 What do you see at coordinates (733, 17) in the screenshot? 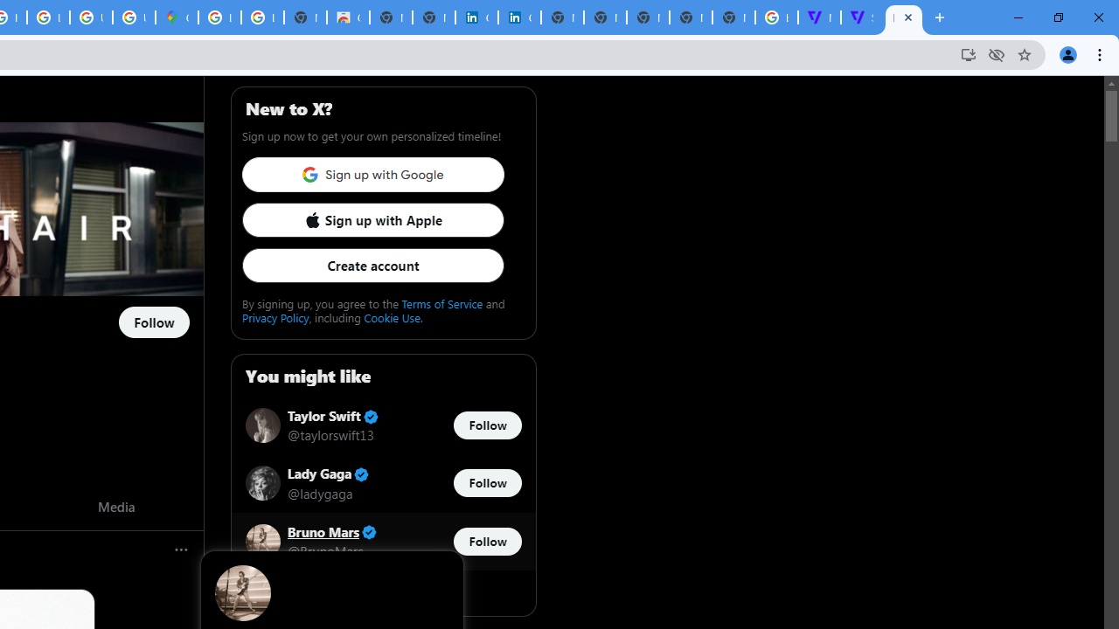
I see `'New Tab'` at bounding box center [733, 17].